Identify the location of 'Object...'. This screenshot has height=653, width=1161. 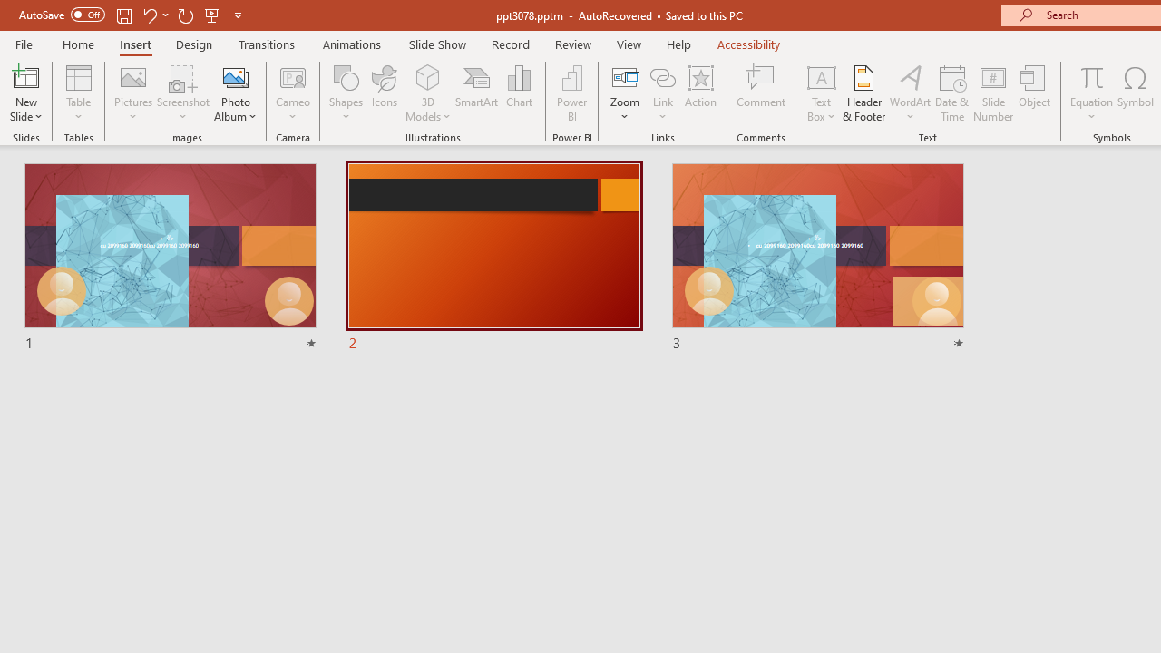
(1035, 93).